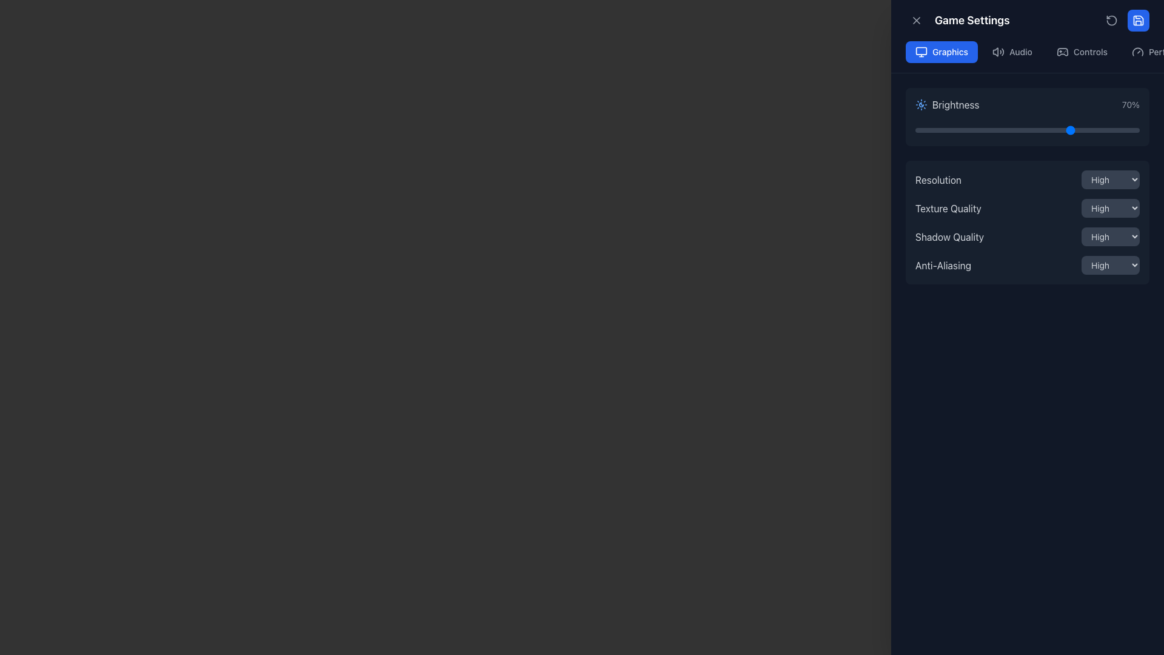  Describe the element at coordinates (1111, 236) in the screenshot. I see `the dropdown menu for 'Shadow Quality' in the 'Graphics' section of the 'Game Settings'` at that location.